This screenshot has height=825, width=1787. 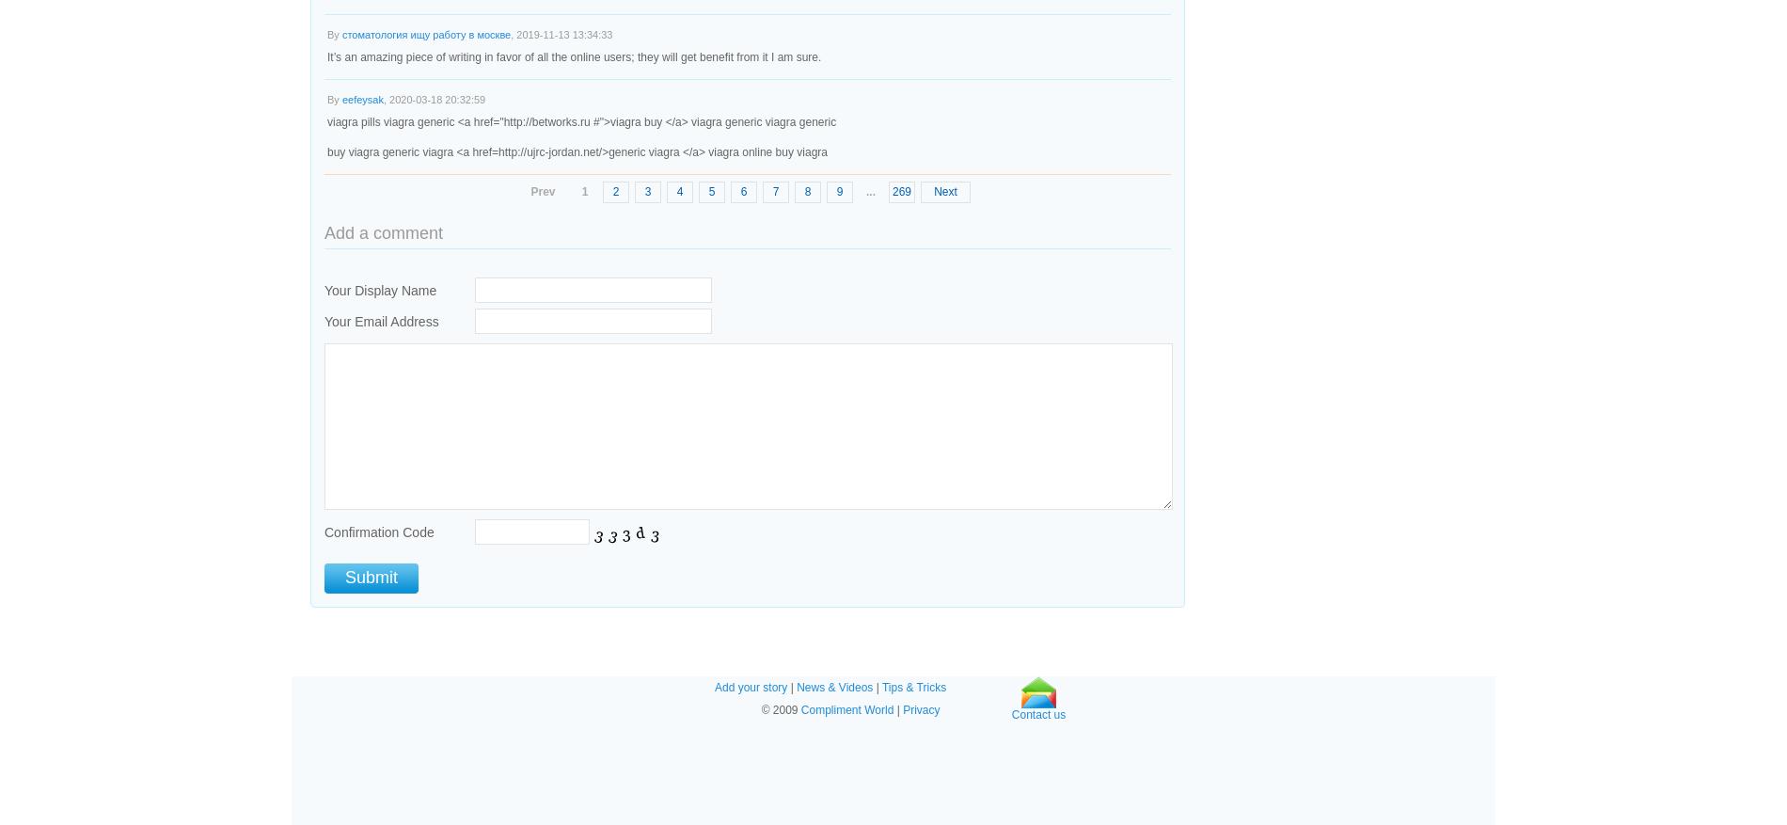 What do you see at coordinates (380, 319) in the screenshot?
I see `'Your Email Address'` at bounding box center [380, 319].